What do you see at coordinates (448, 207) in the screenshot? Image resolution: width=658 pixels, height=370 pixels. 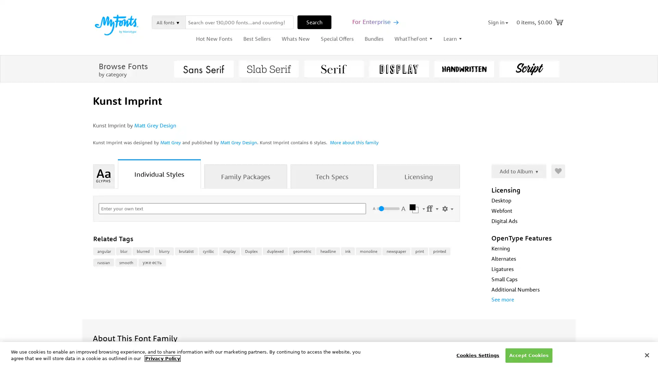 I see `Show Settings` at bounding box center [448, 207].